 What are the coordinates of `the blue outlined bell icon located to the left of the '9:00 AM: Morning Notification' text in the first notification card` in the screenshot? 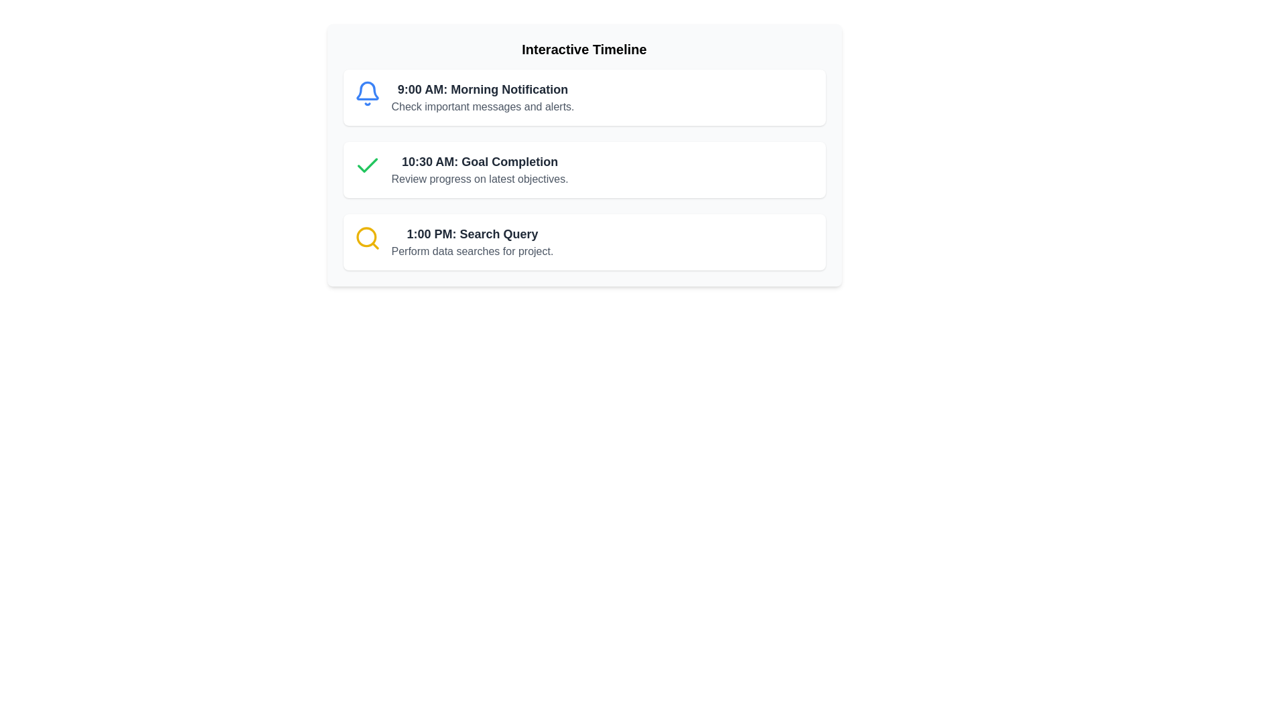 It's located at (367, 92).